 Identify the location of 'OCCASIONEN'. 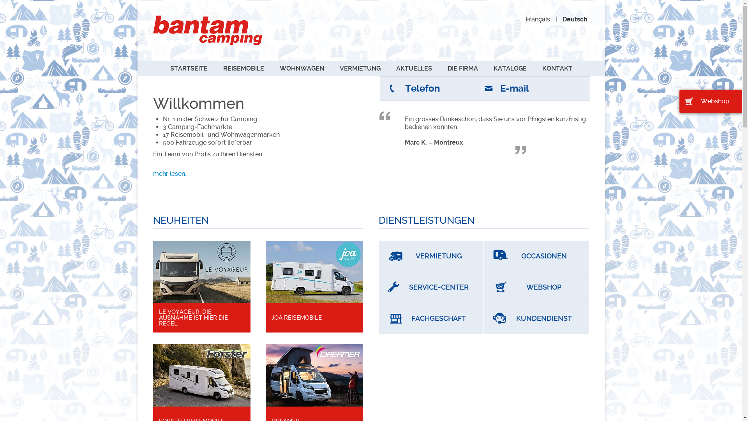
(536, 256).